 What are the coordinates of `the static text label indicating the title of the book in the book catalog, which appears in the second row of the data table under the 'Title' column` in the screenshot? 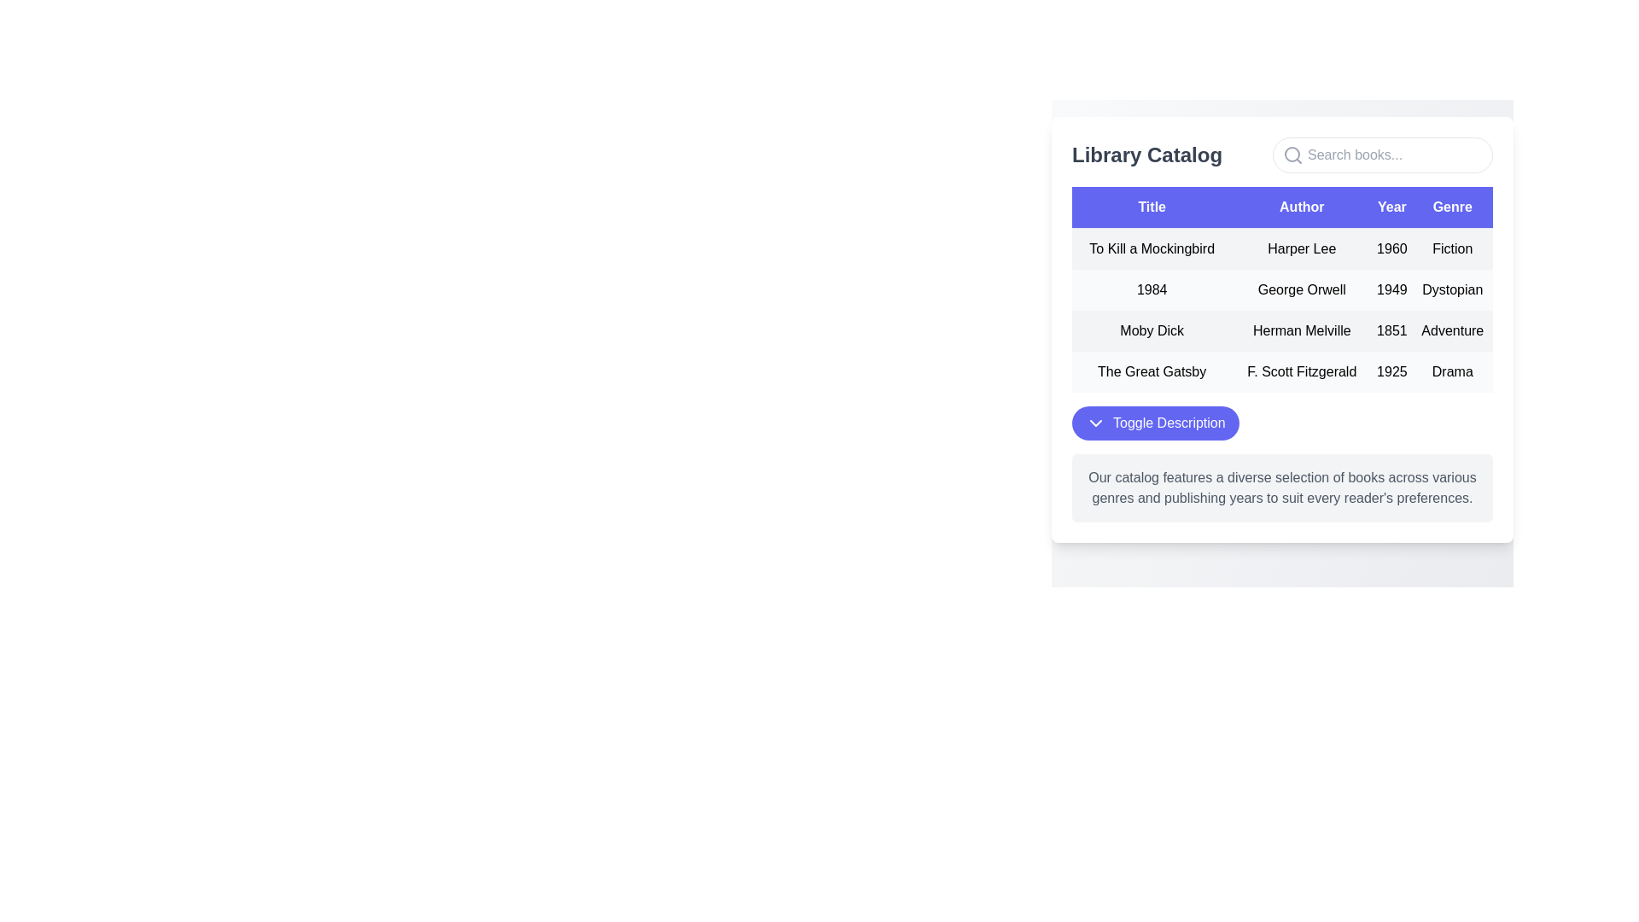 It's located at (1152, 331).